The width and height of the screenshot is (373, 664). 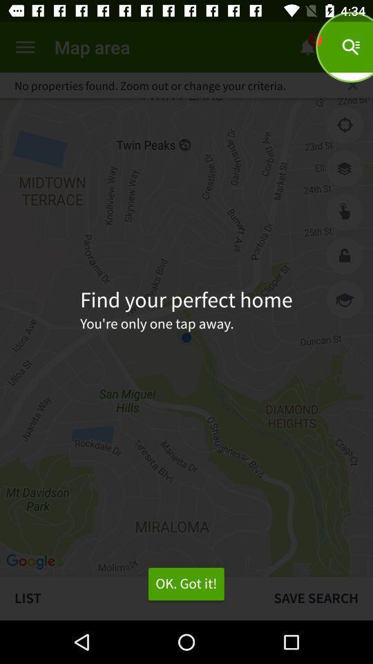 What do you see at coordinates (25, 47) in the screenshot?
I see `the item to the left of map area` at bounding box center [25, 47].